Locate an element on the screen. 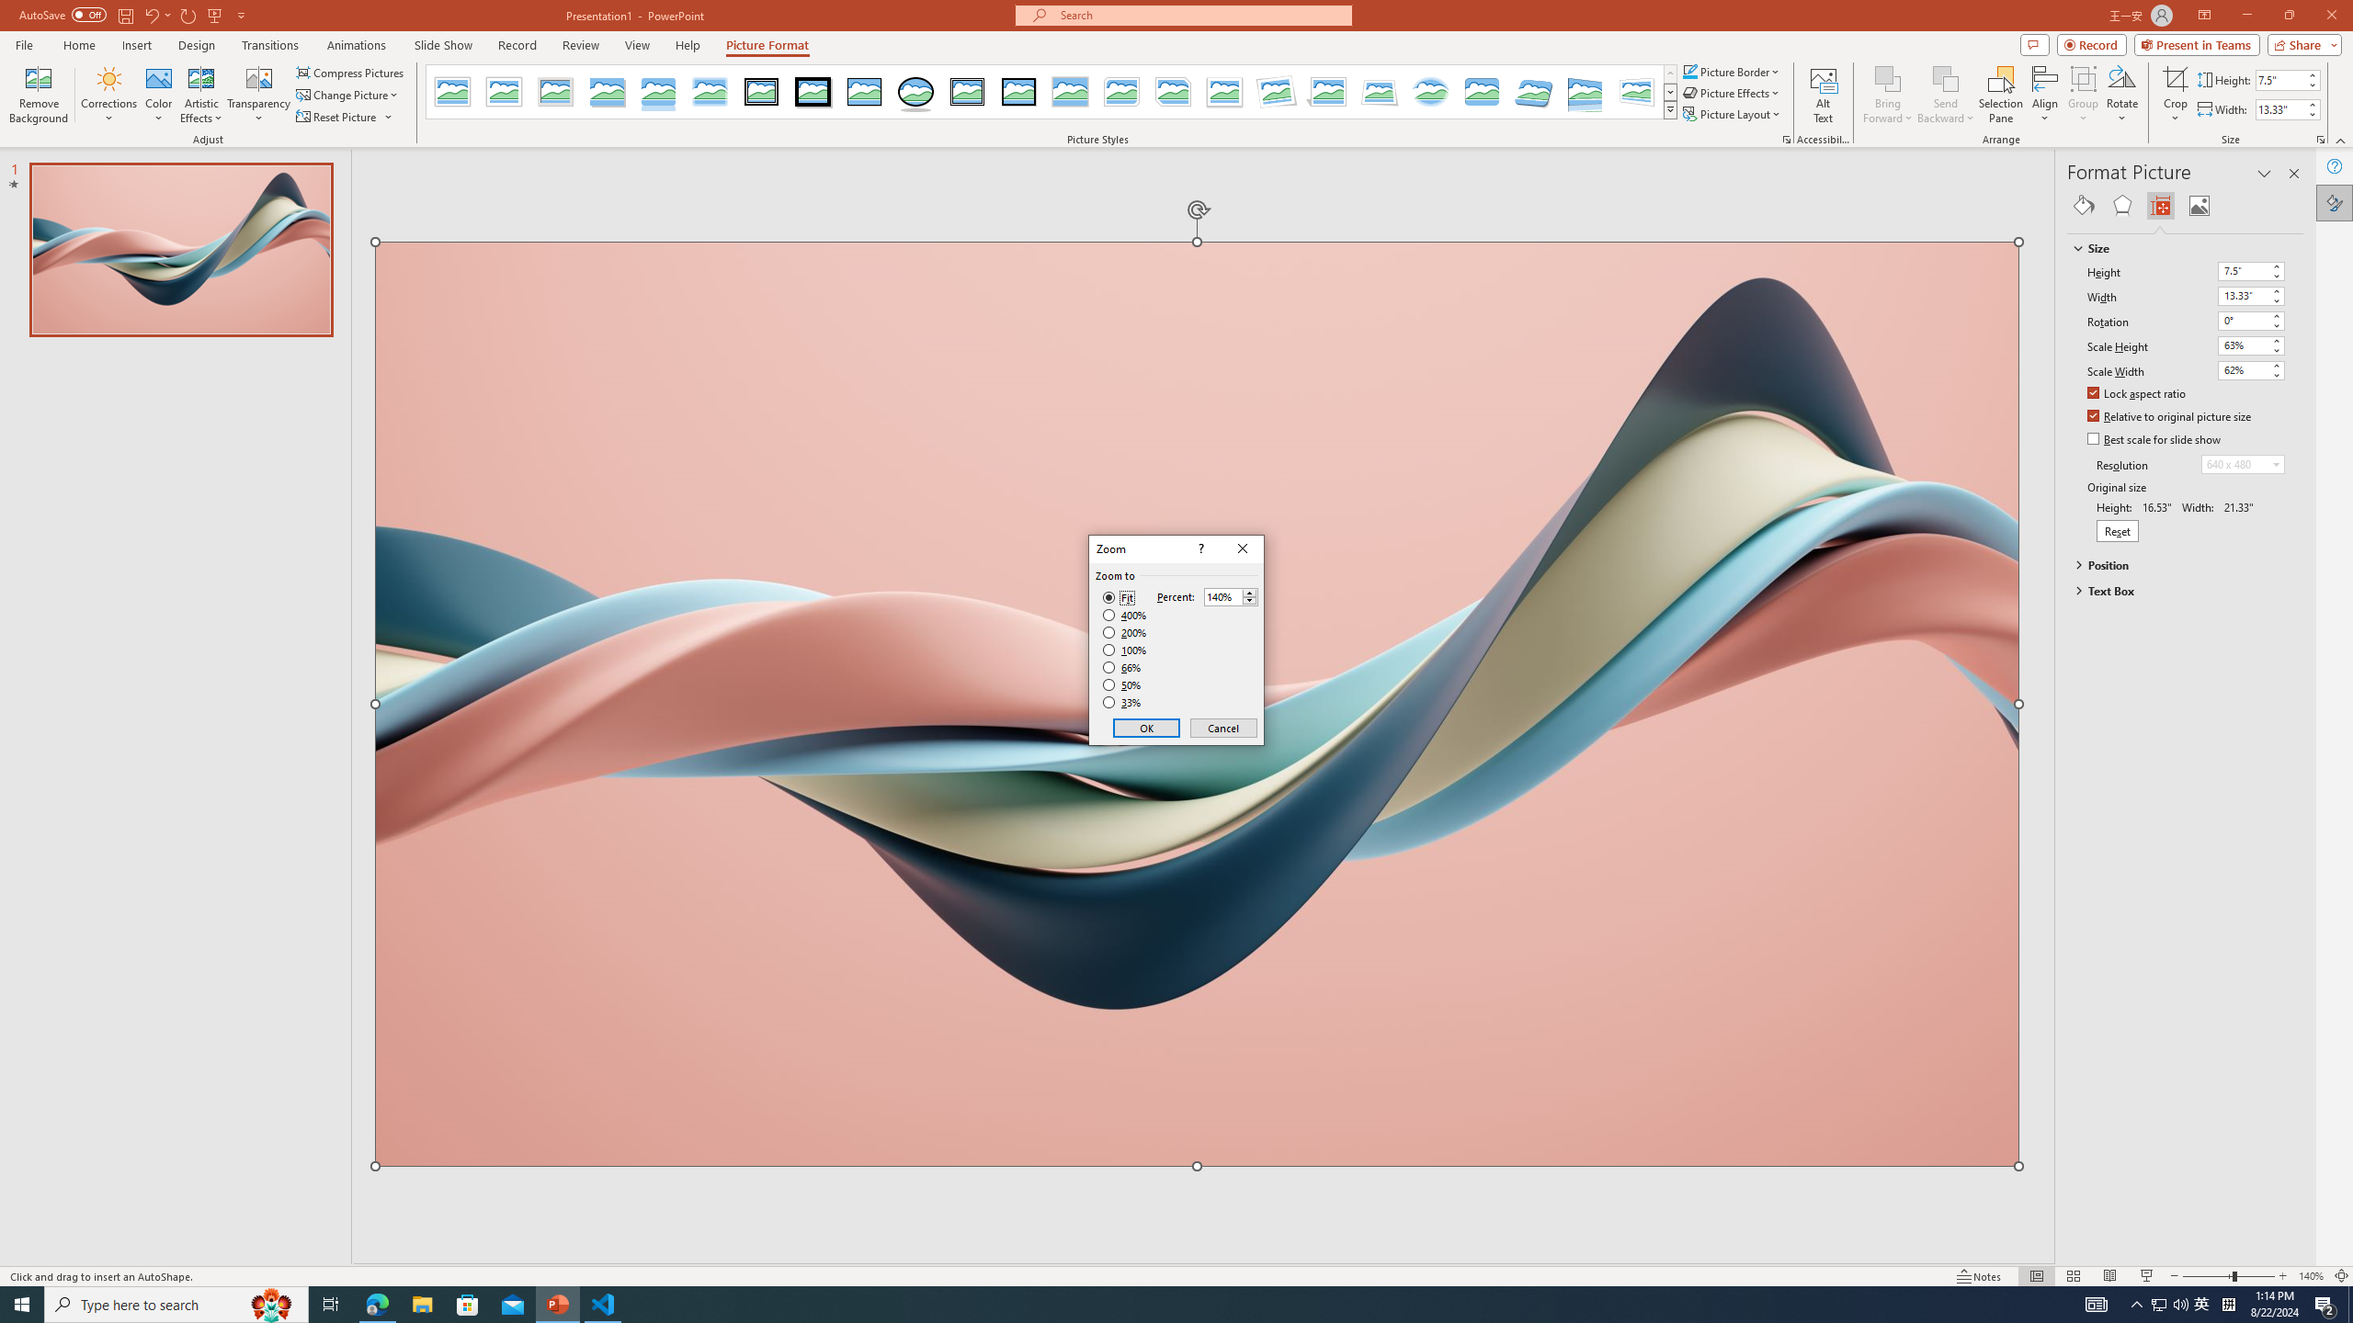 The image size is (2353, 1323). 'Align' is located at coordinates (2043, 95).